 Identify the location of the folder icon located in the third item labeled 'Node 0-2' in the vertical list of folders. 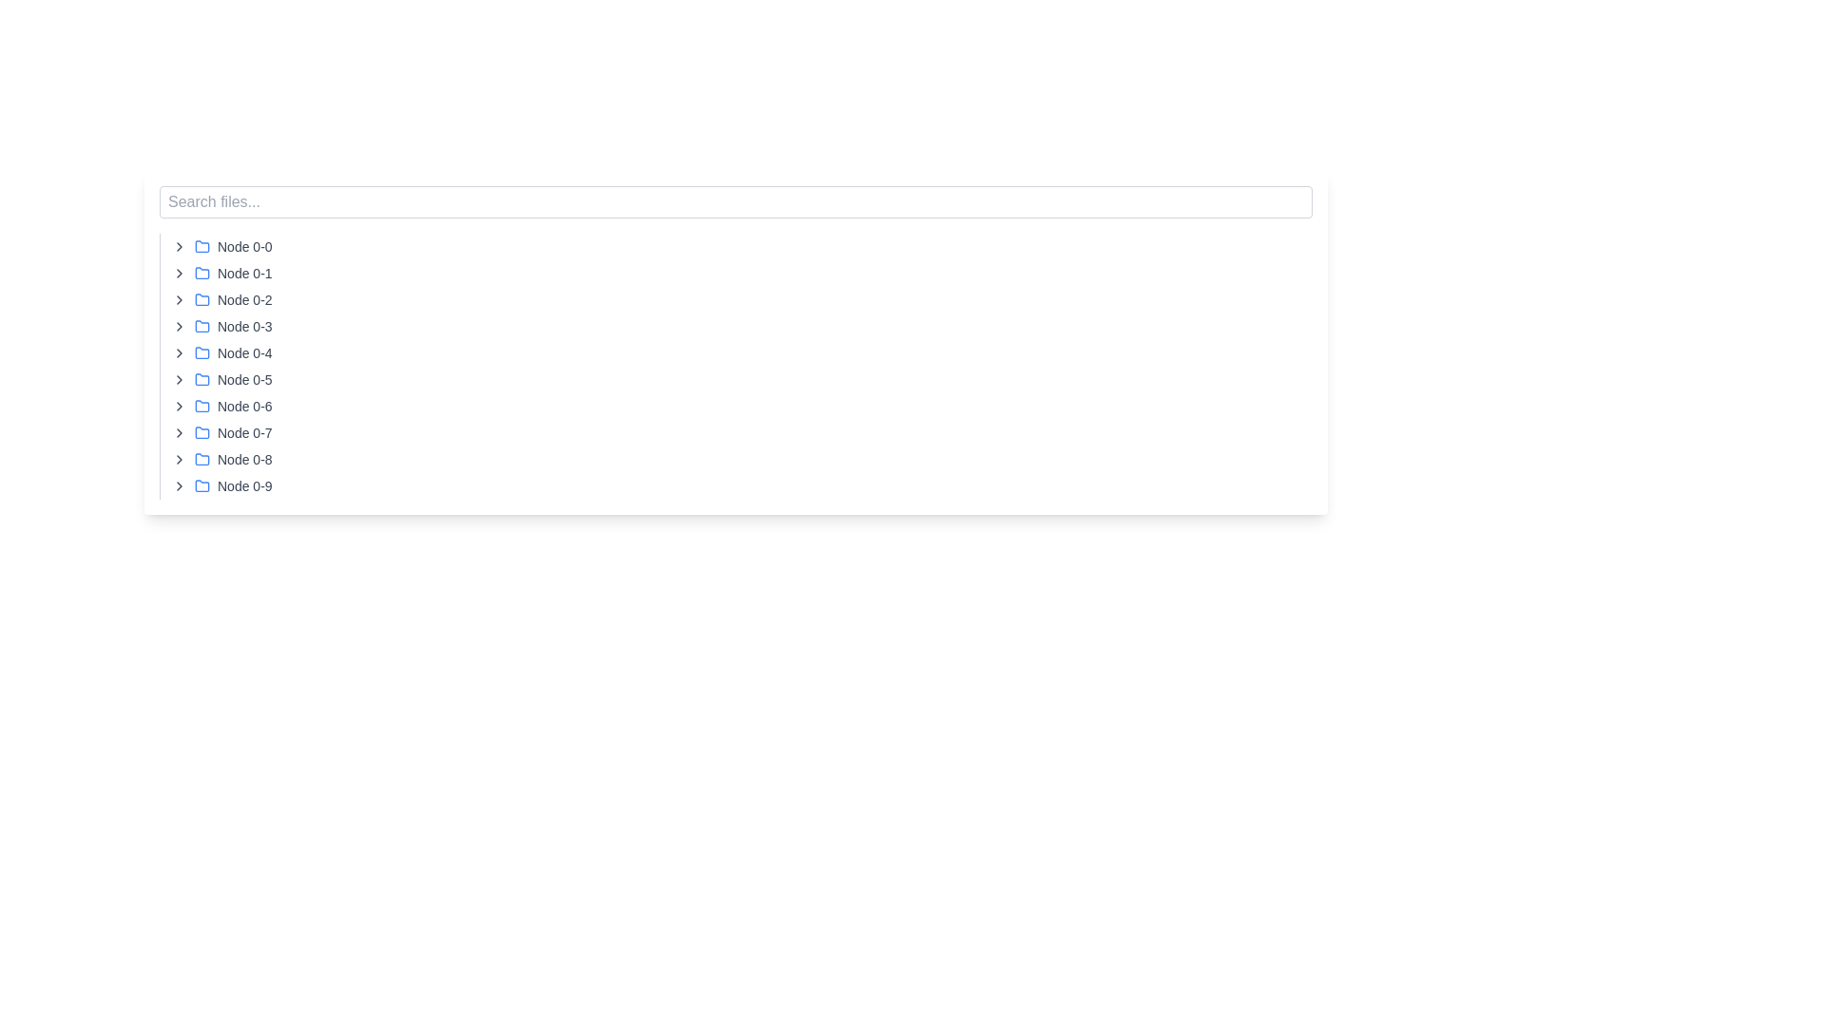
(202, 299).